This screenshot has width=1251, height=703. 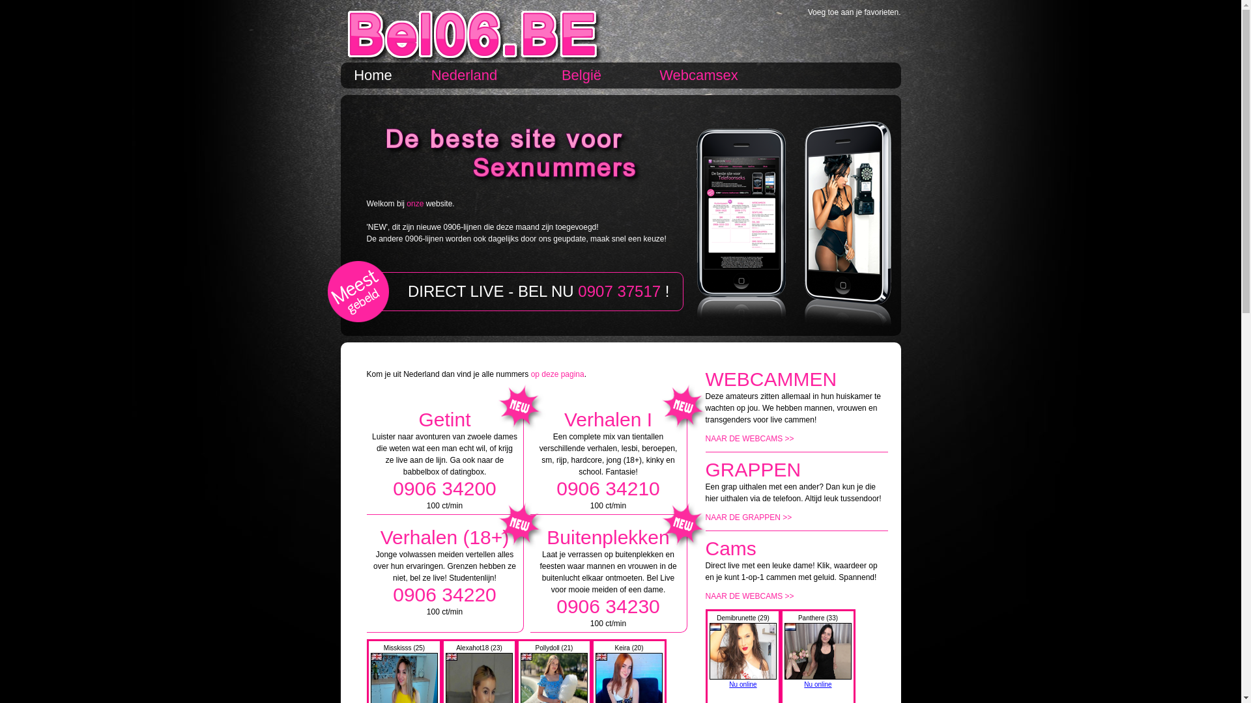 I want to click on '0906 34210', so click(x=607, y=488).